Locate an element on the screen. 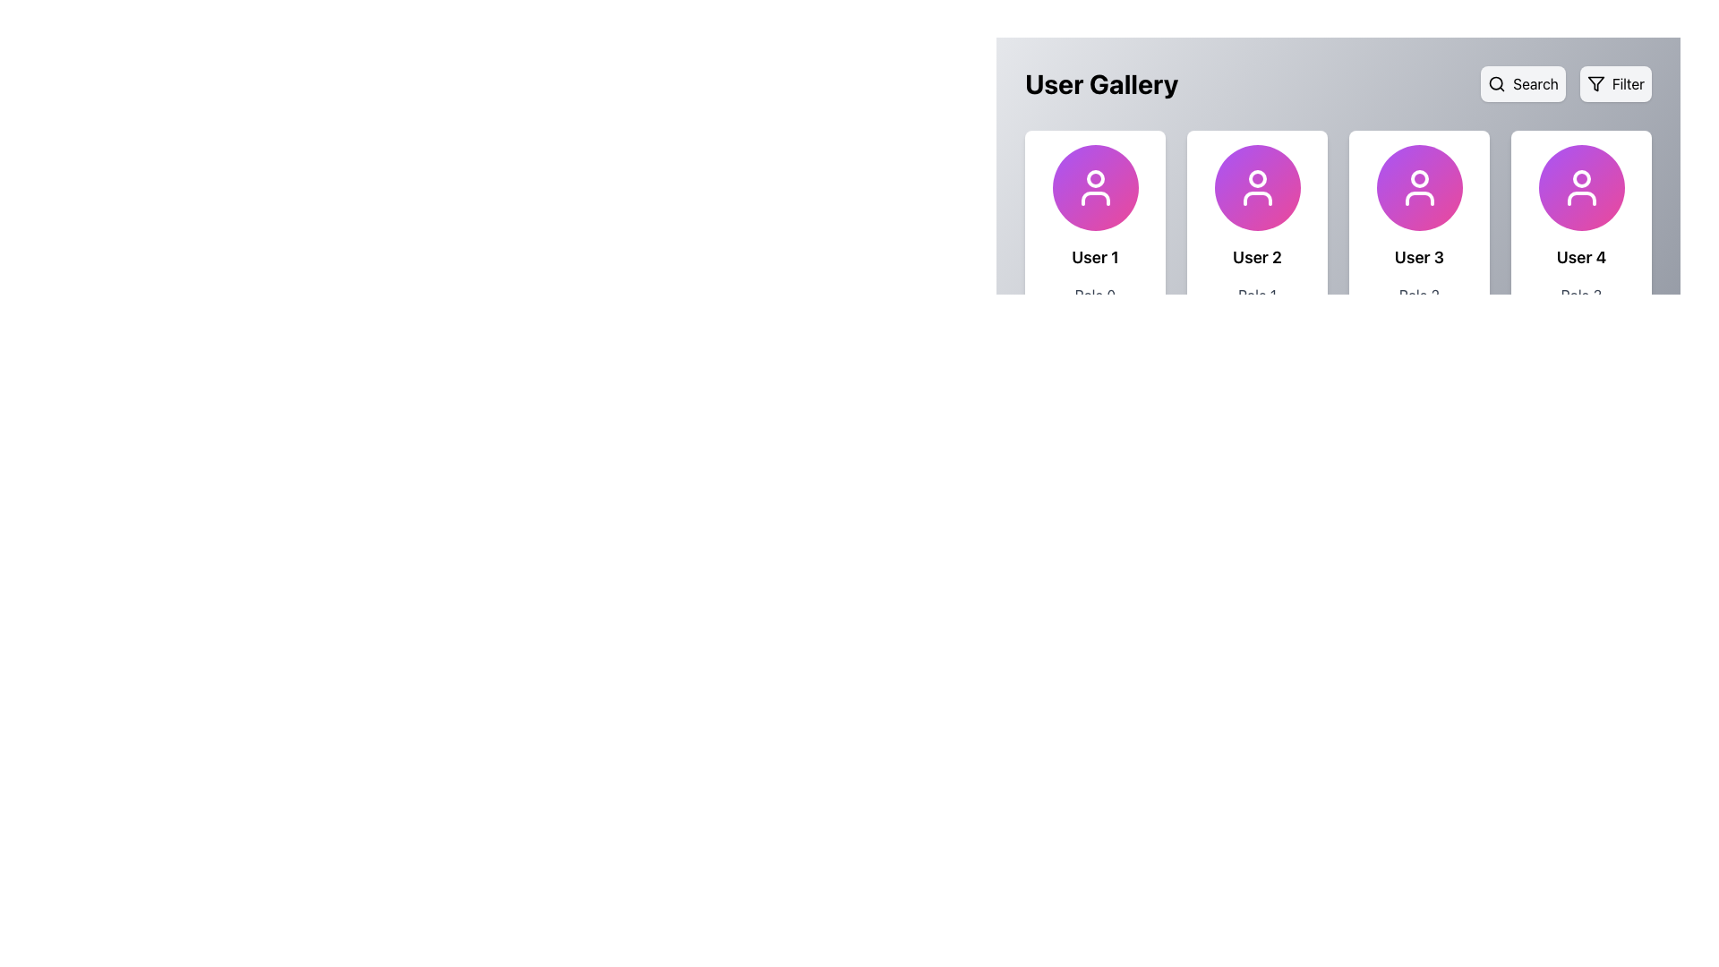 The image size is (1719, 967). the user profile summary card for 'User 3' in the User Gallery section, which contains text, an icon, and a button is located at coordinates (1418, 261).